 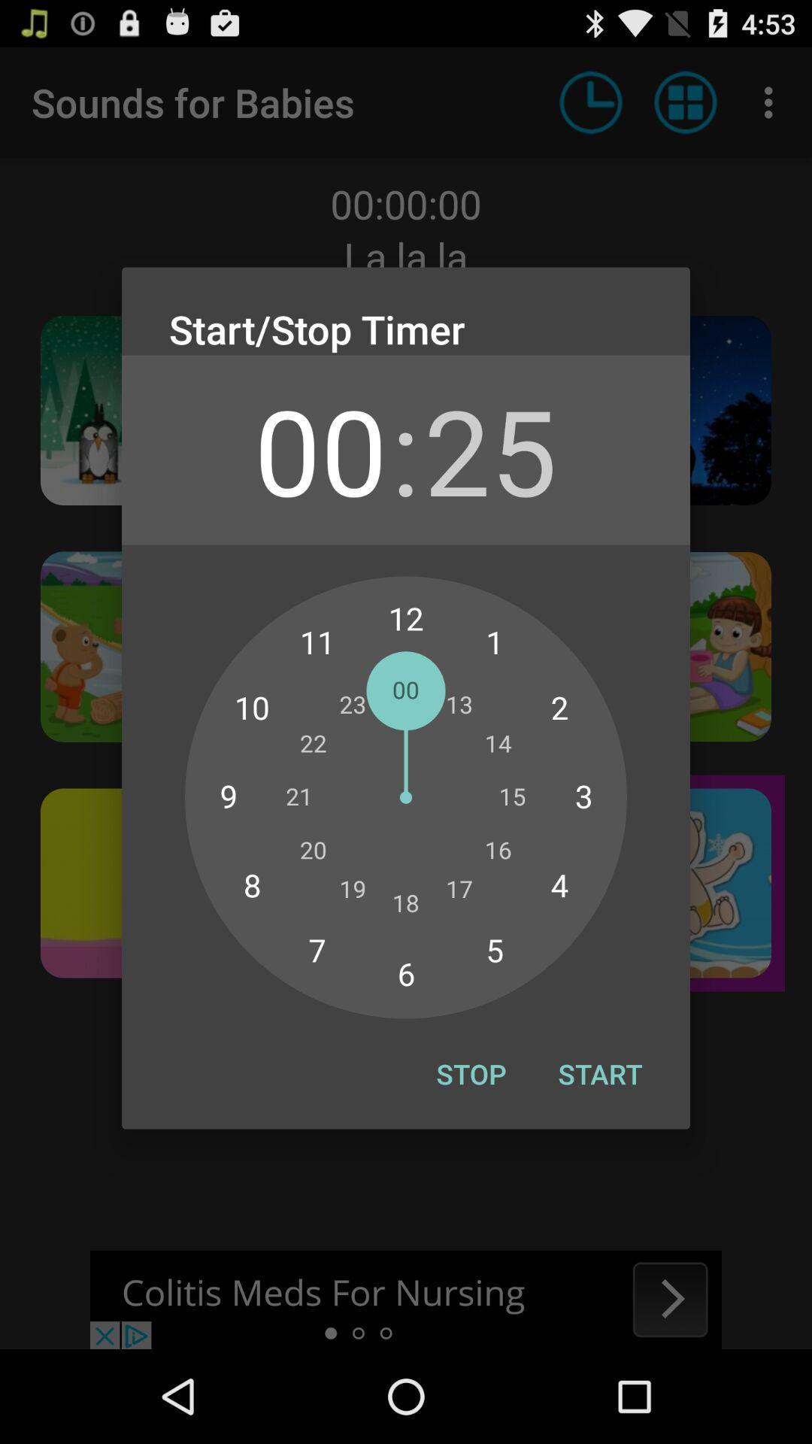 I want to click on the icon below the start/stop timer icon, so click(x=490, y=449).